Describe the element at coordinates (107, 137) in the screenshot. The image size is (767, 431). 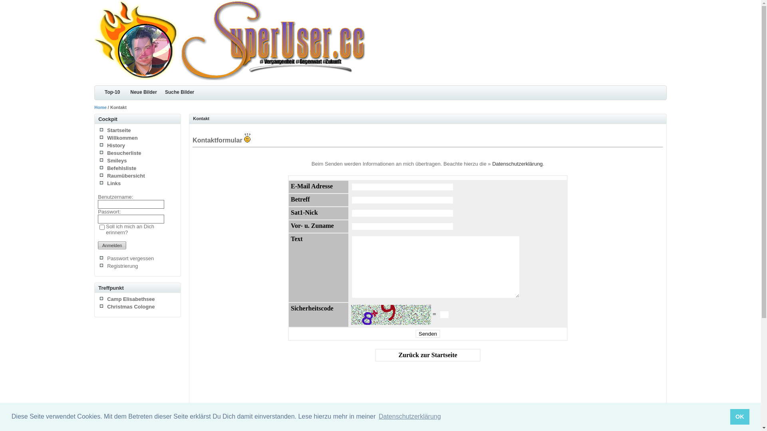
I see `'Willkommen'` at that location.